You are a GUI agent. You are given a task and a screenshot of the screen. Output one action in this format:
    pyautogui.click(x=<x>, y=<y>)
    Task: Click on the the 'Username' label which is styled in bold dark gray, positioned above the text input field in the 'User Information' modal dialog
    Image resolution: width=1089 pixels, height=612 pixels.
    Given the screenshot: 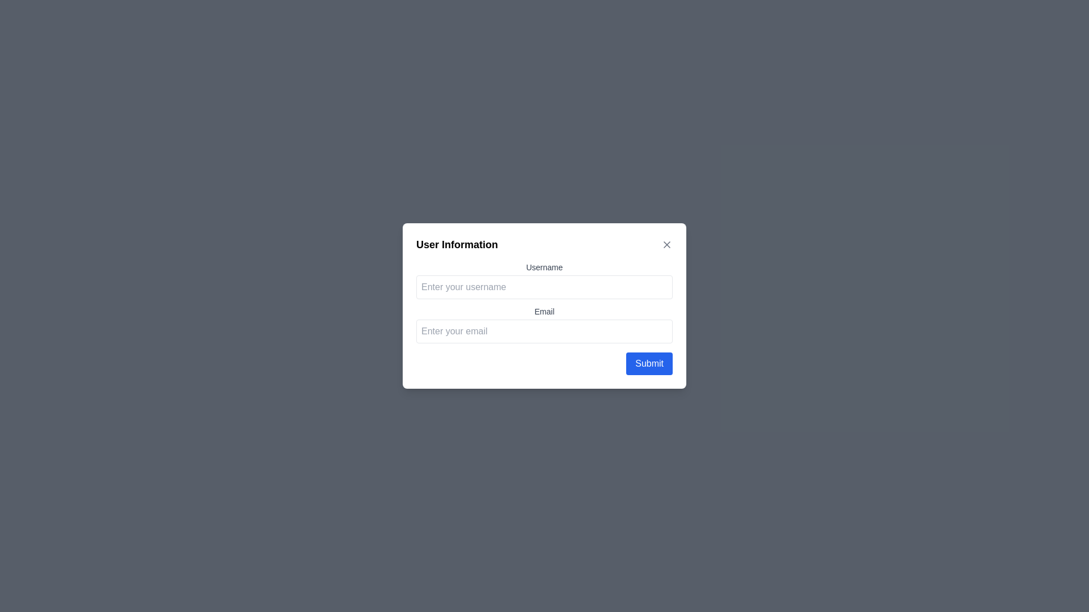 What is the action you would take?
    pyautogui.click(x=544, y=267)
    